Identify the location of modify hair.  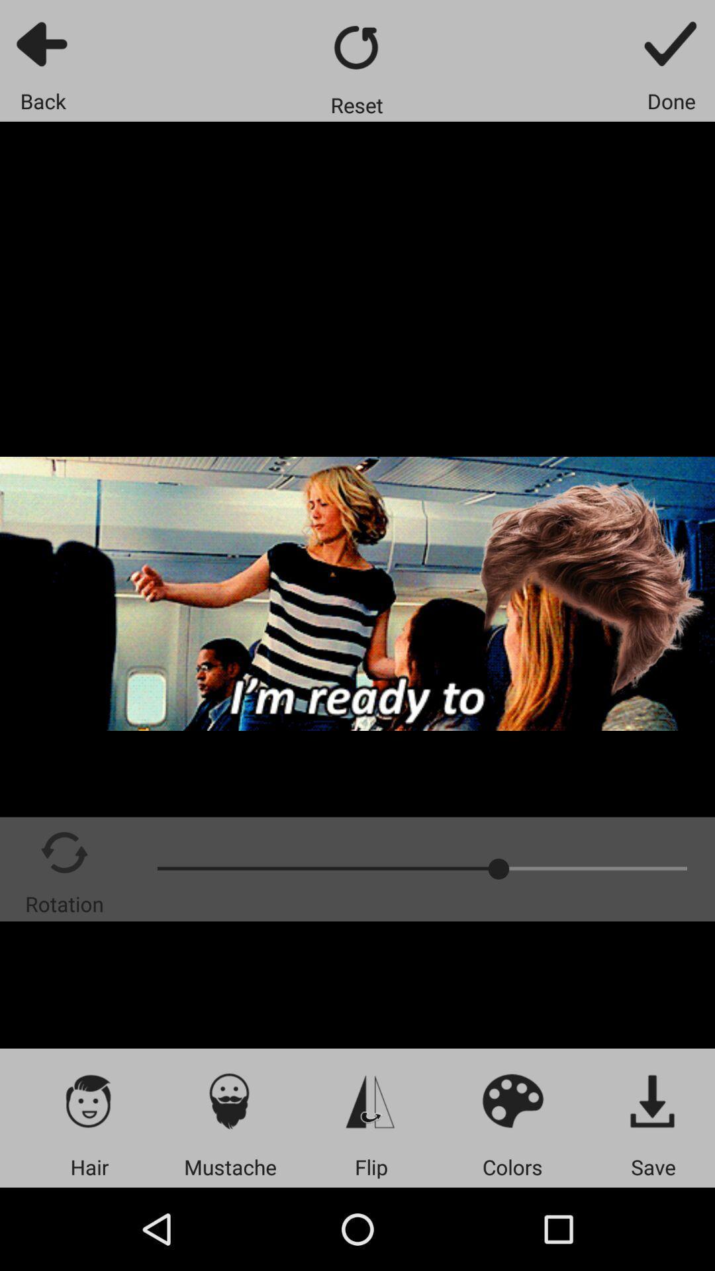
(89, 1100).